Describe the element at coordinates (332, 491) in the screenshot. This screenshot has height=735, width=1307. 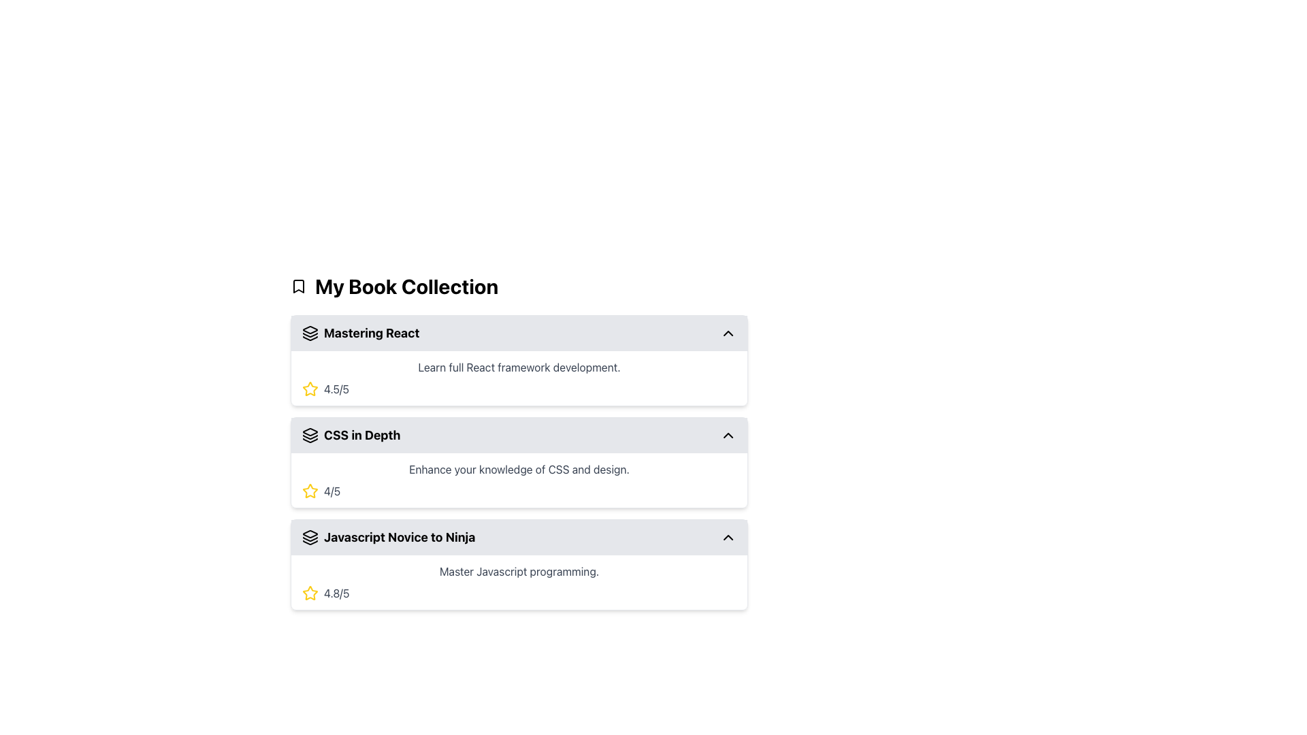
I see `the text label indicating the rating of the book 'CSS in Depth' to trigger a tooltip` at that location.